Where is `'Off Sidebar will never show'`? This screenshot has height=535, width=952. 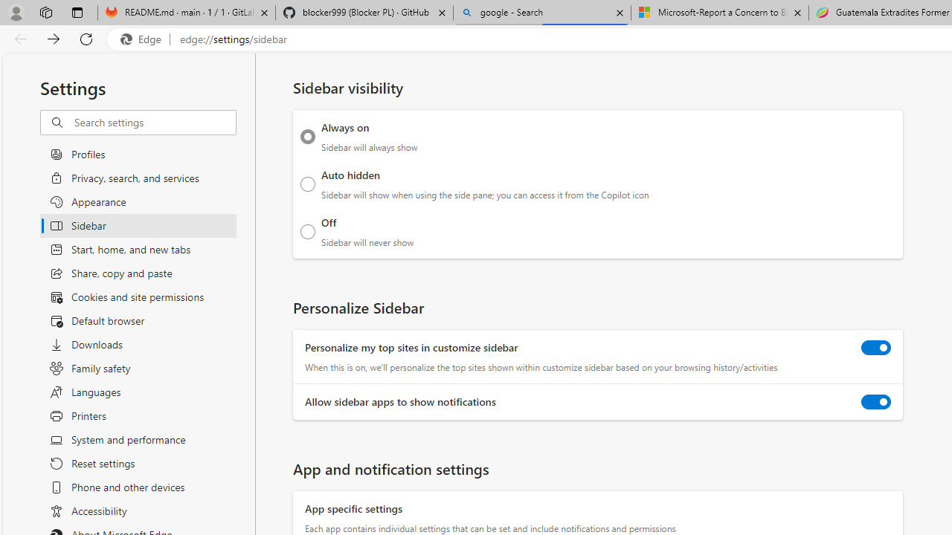
'Off Sidebar will never show' is located at coordinates (307, 231).